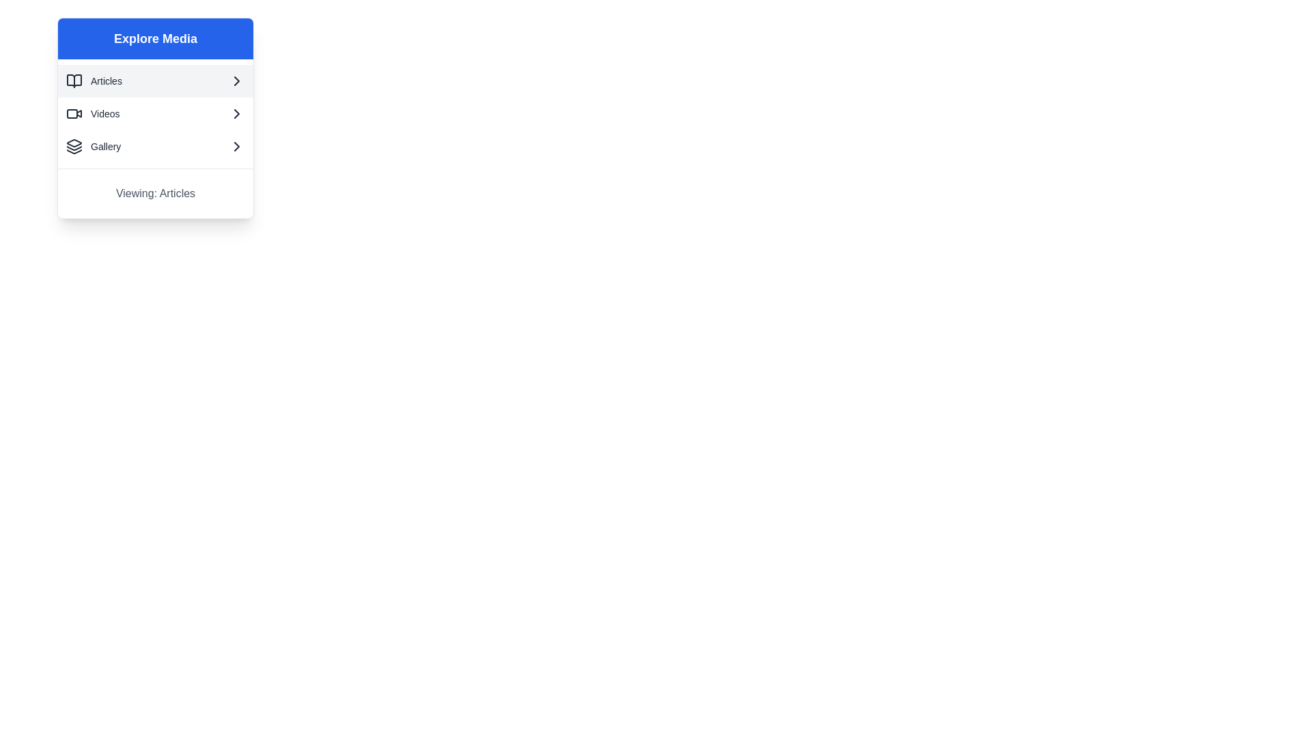 This screenshot has width=1311, height=737. I want to click on the chevron icon next to the 'Videos' text, so click(236, 113).